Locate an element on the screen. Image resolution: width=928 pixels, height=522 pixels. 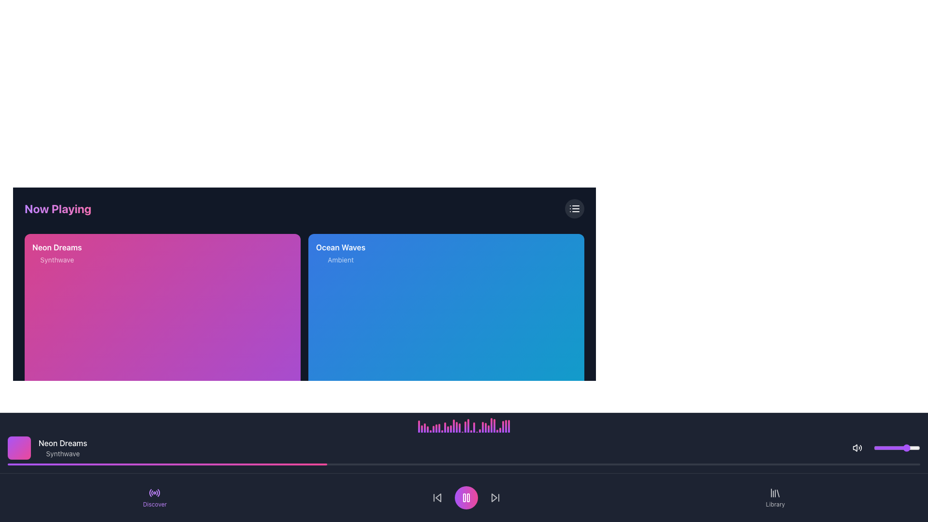
the speaker icon with sound waves to change the sound state, located at the leftmost position of the sound control cluster in the control bar at the bottom of the interface is located at coordinates (857, 448).